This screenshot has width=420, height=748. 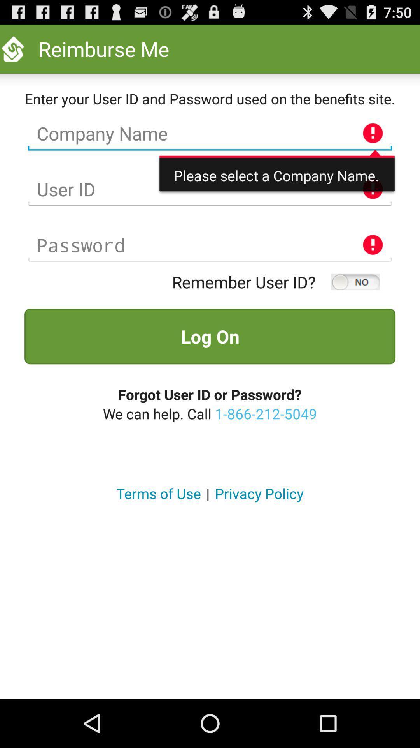 I want to click on type text in password prompt, so click(x=210, y=245).